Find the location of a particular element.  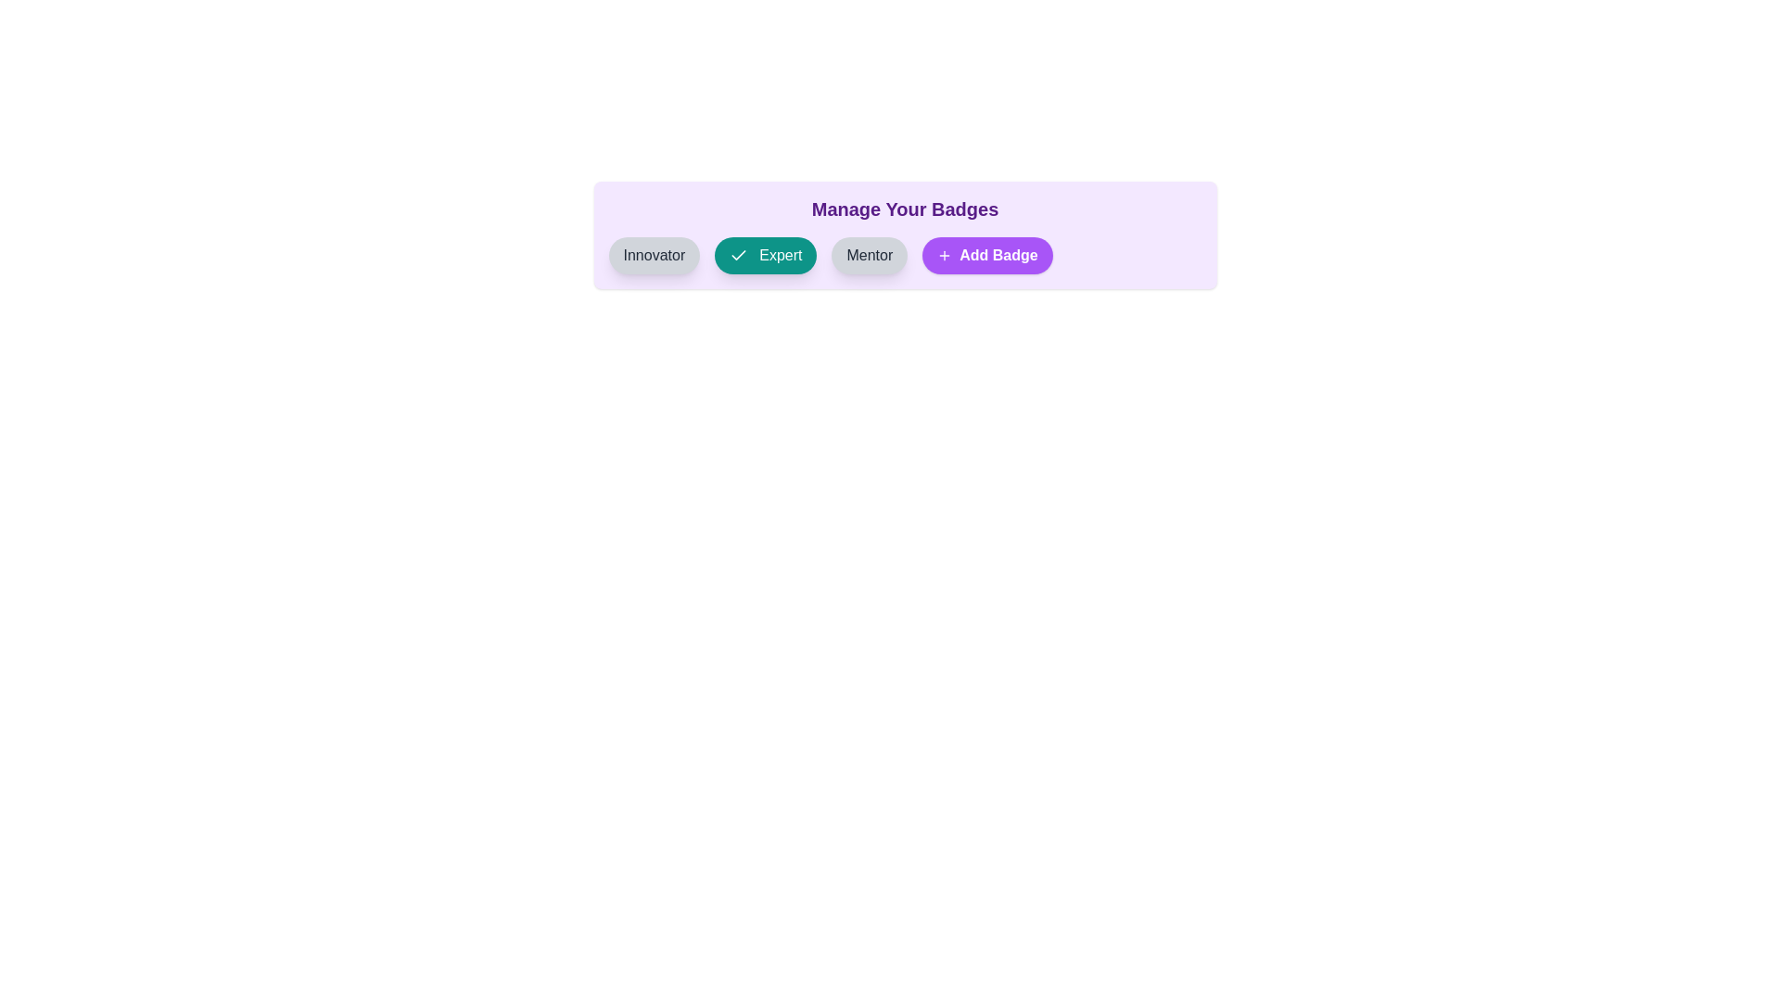

the badge labeled Innovator to observe its hover effect is located at coordinates (654, 256).